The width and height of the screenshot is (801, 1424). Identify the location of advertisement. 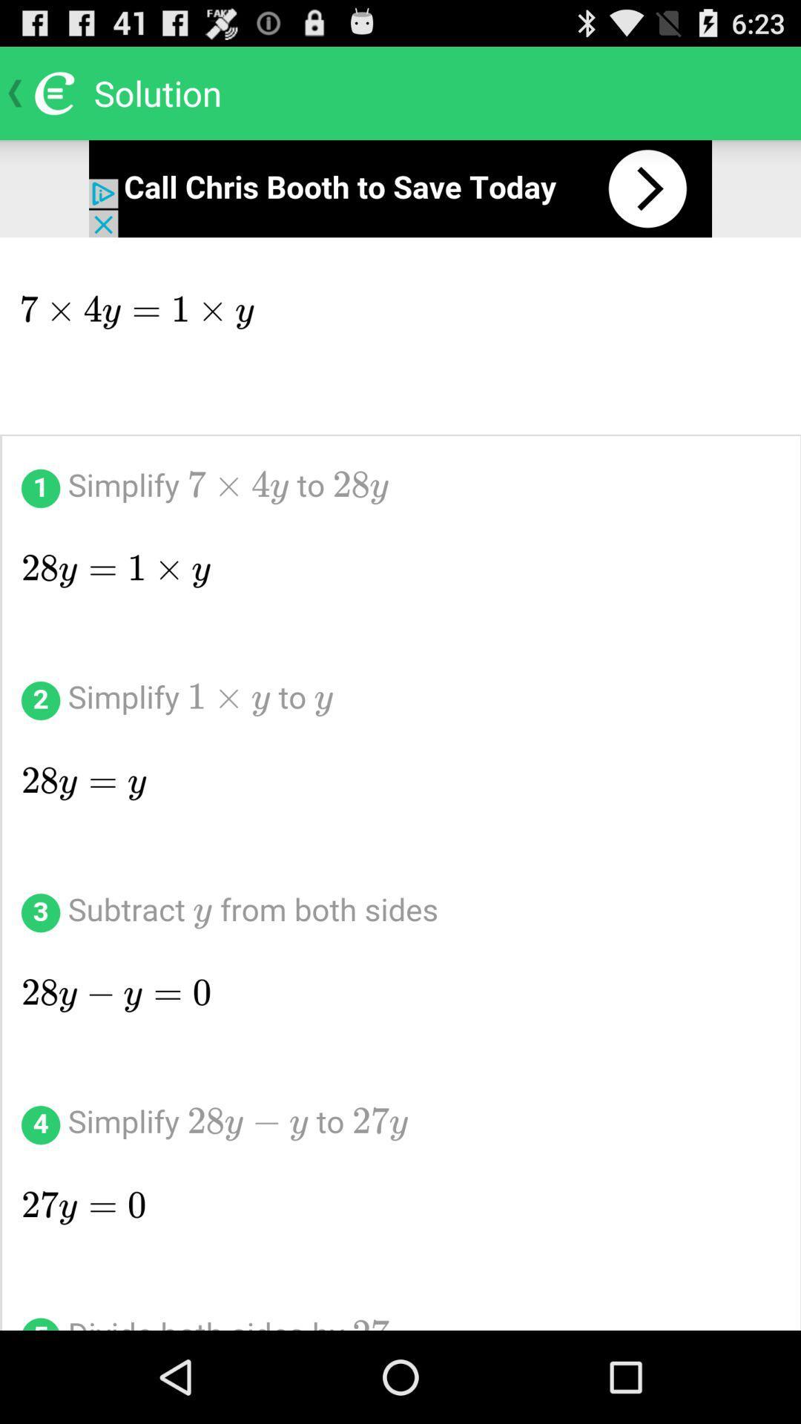
(400, 188).